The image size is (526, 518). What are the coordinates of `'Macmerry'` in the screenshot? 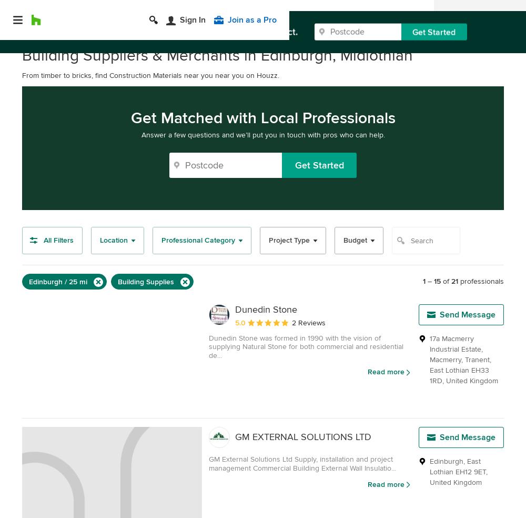 It's located at (429, 360).